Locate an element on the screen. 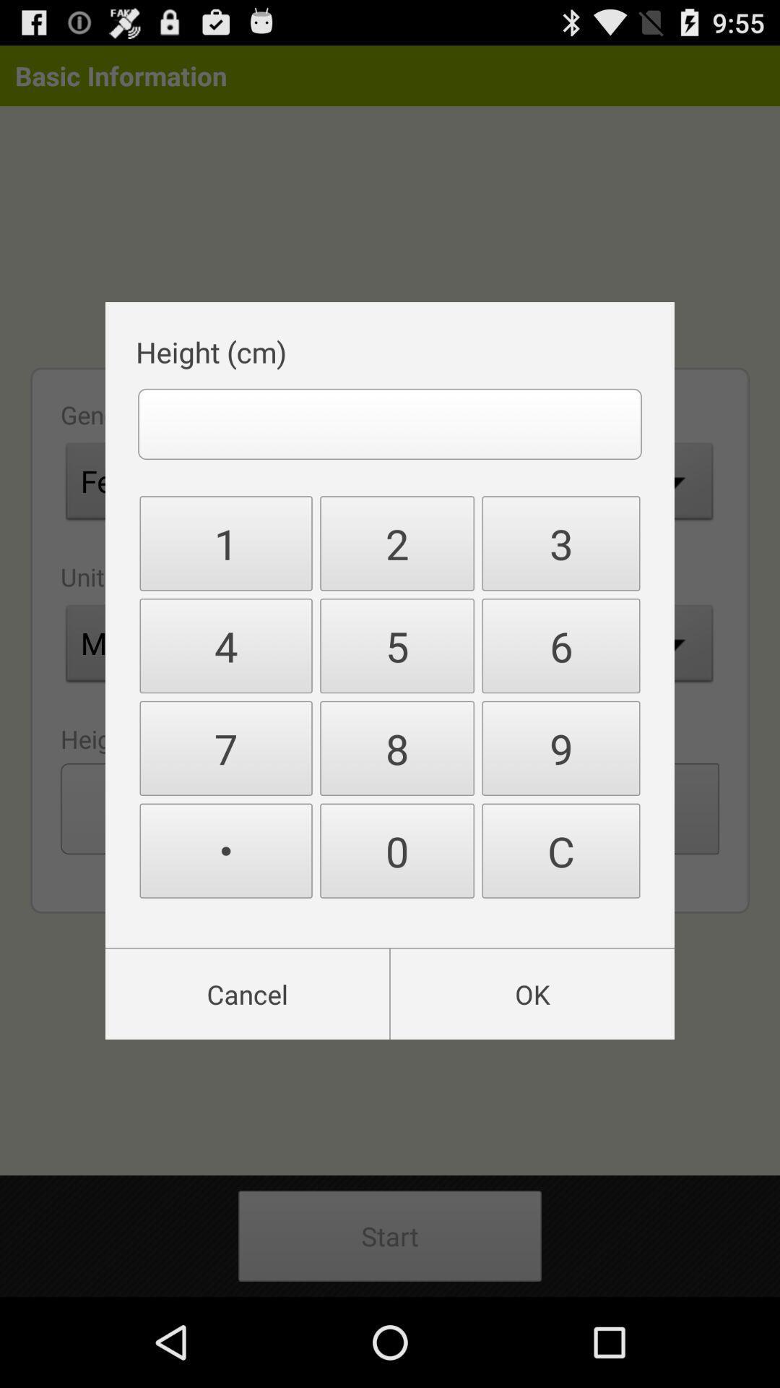 The image size is (780, 1388). 4 is located at coordinates (226, 645).